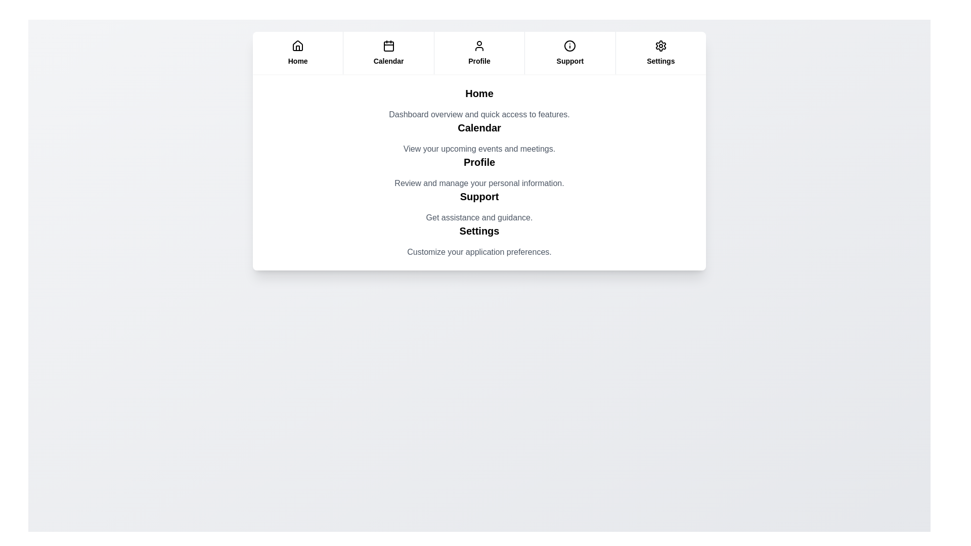 The height and width of the screenshot is (546, 971). What do you see at coordinates (479, 61) in the screenshot?
I see `the 'Profile' text label, which is displayed in bold black font on a white background, located within the third tab of the navigation bar, directly below the user icon` at bounding box center [479, 61].